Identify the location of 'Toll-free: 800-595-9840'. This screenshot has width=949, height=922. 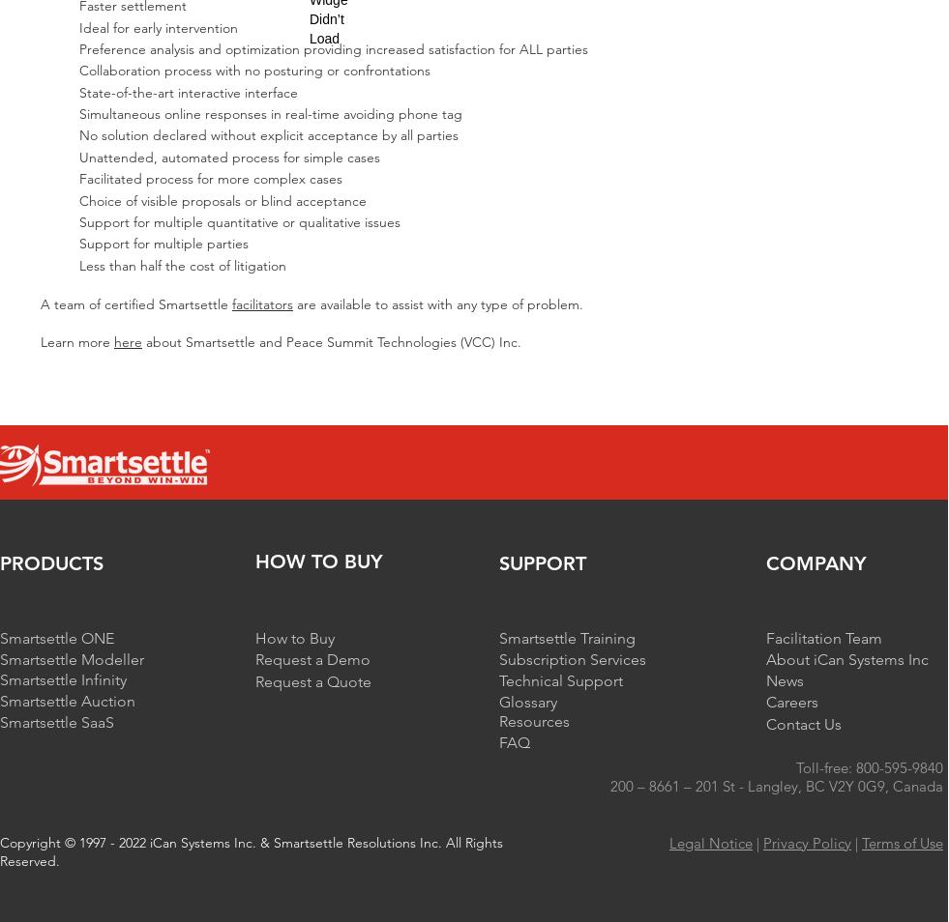
(869, 766).